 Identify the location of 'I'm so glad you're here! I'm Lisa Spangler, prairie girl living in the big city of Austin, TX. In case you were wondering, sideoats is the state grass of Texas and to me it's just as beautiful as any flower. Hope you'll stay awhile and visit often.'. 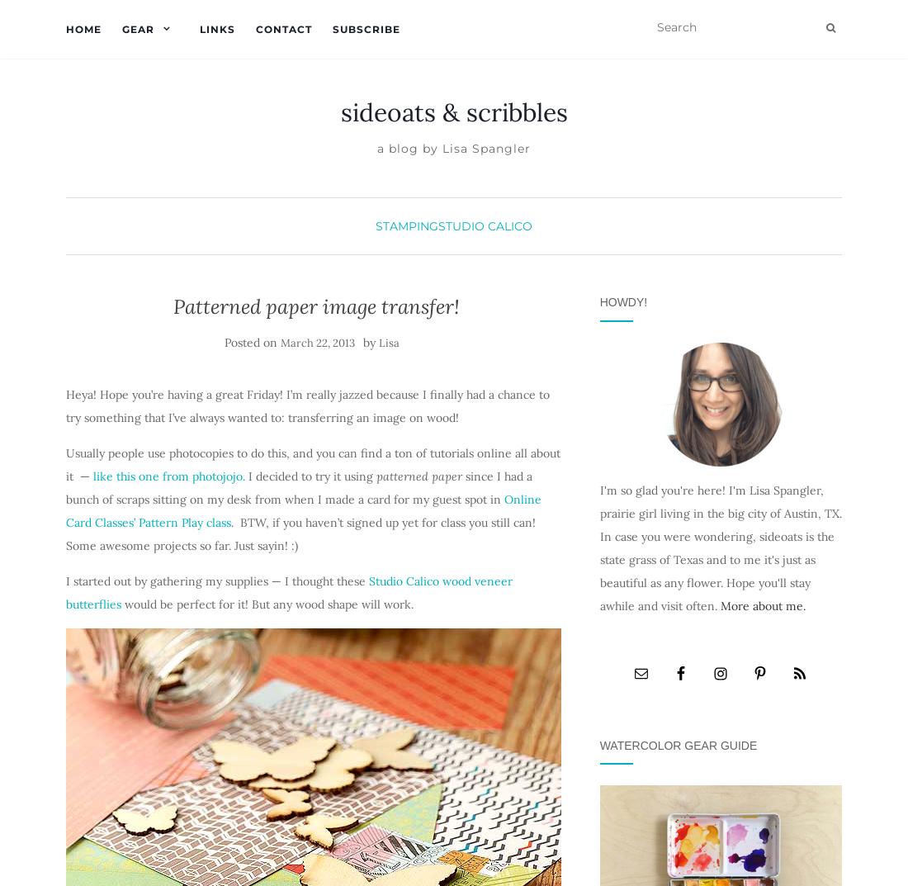
(719, 547).